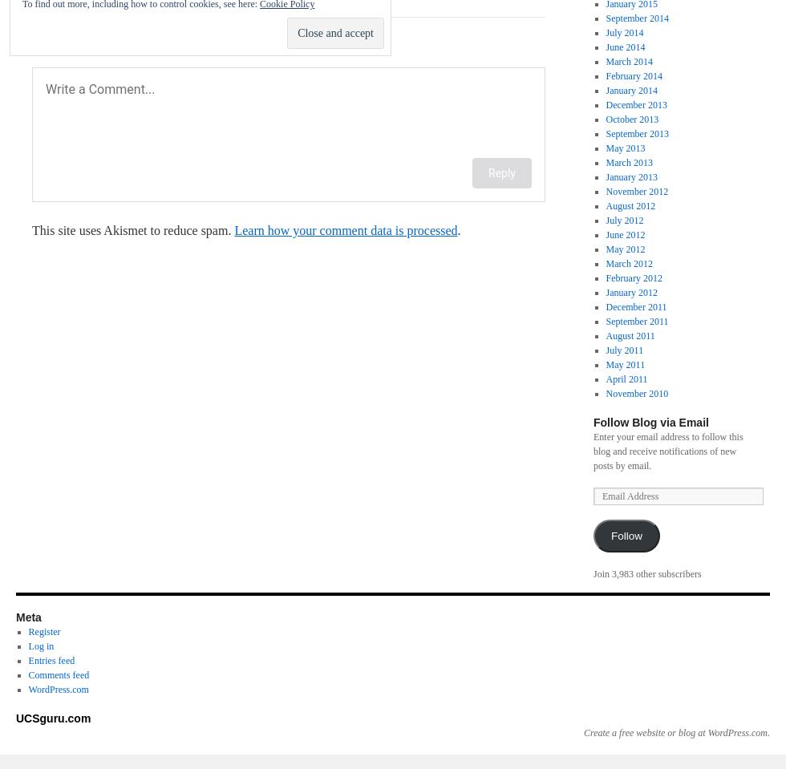 This screenshot has height=769, width=786. Describe the element at coordinates (636, 132) in the screenshot. I see `'September 2013'` at that location.